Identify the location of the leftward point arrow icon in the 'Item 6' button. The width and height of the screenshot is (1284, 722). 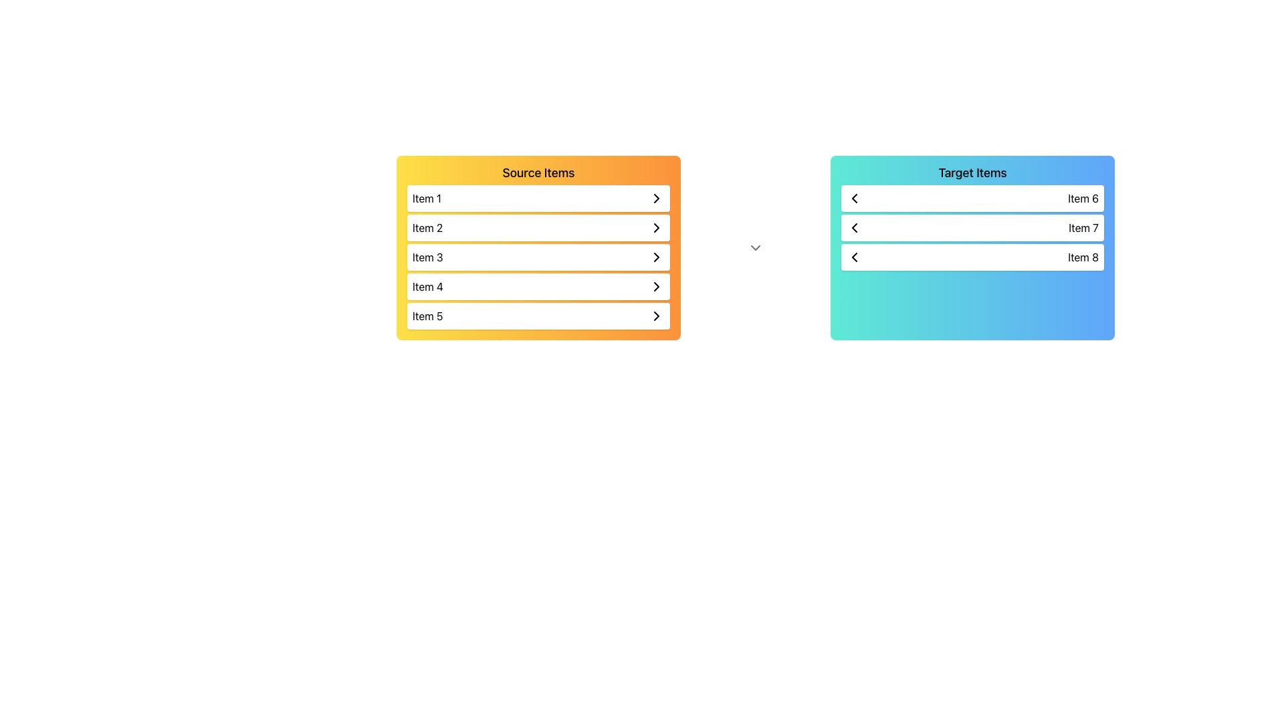
(853, 199).